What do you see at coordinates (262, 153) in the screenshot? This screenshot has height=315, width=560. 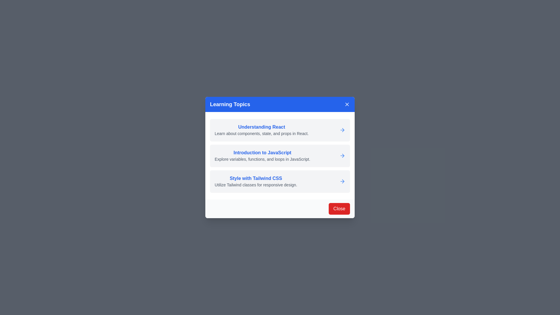 I see `the clickable title text for the JavaScript programming concepts module` at bounding box center [262, 153].